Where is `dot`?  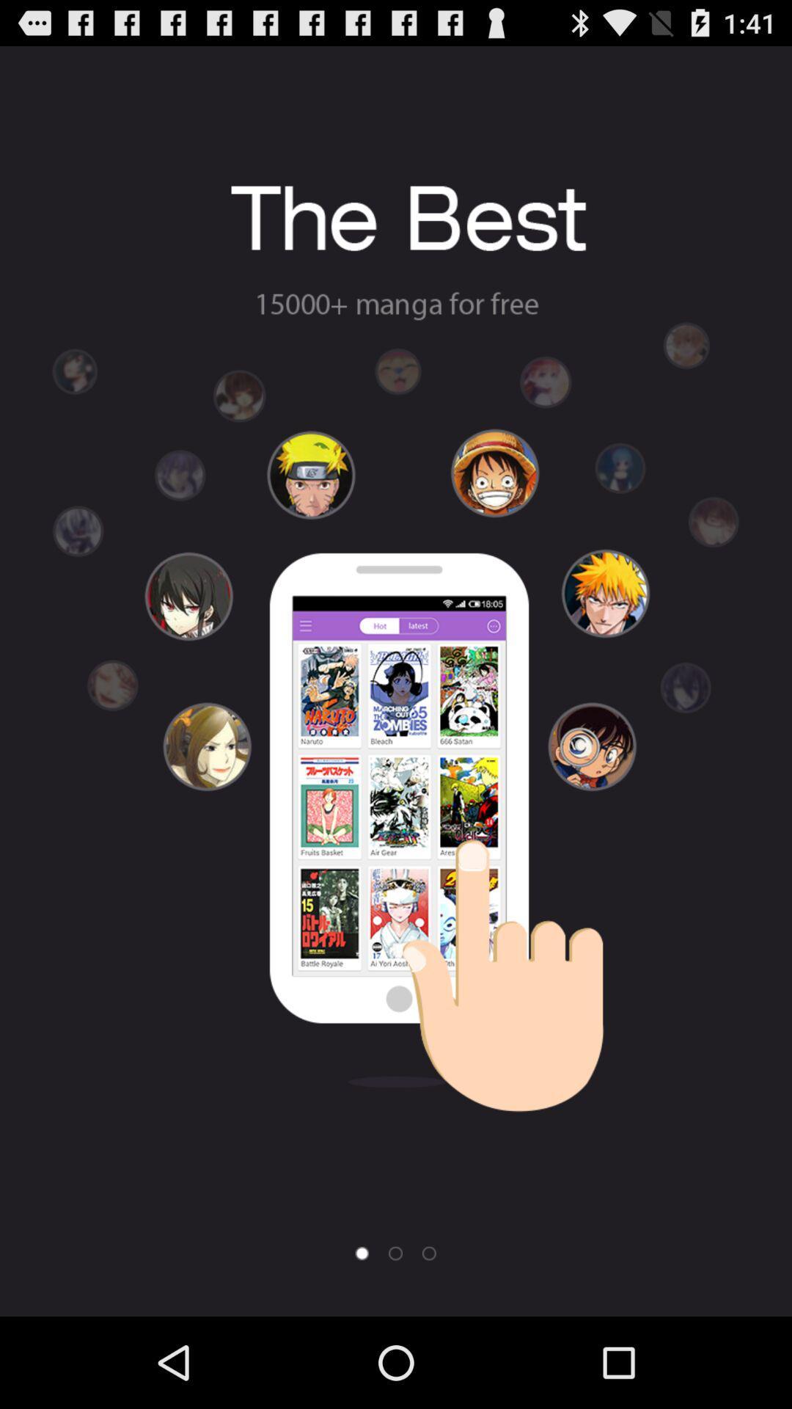 dot is located at coordinates (429, 1253).